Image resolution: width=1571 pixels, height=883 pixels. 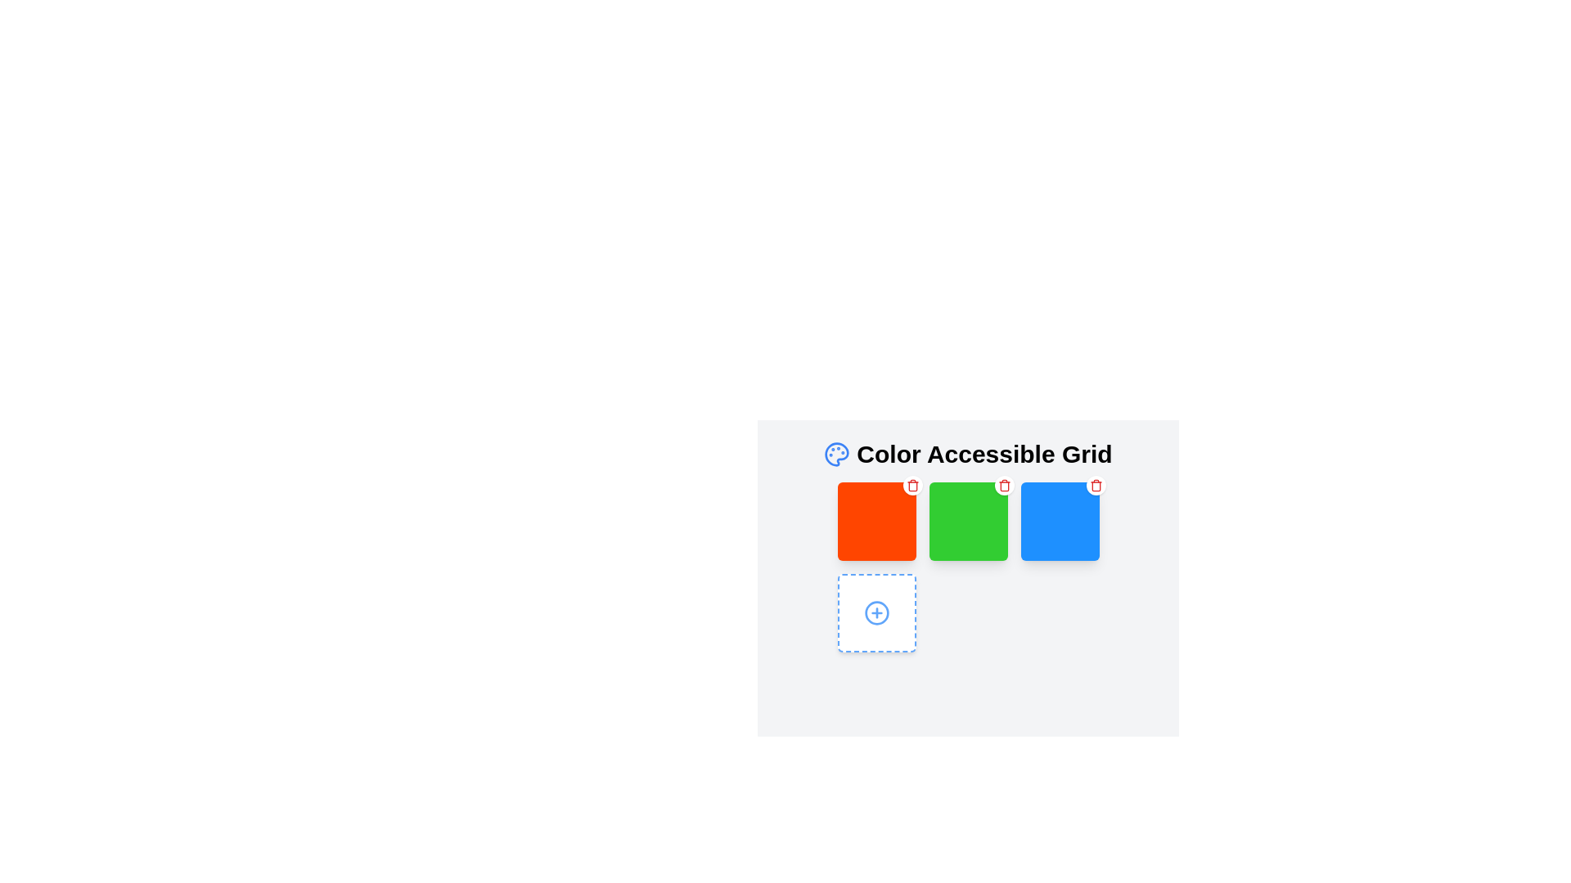 I want to click on the second square in the top row of the grid layout, which represents a selectable color option located between a red square and a blue square, so click(x=968, y=521).